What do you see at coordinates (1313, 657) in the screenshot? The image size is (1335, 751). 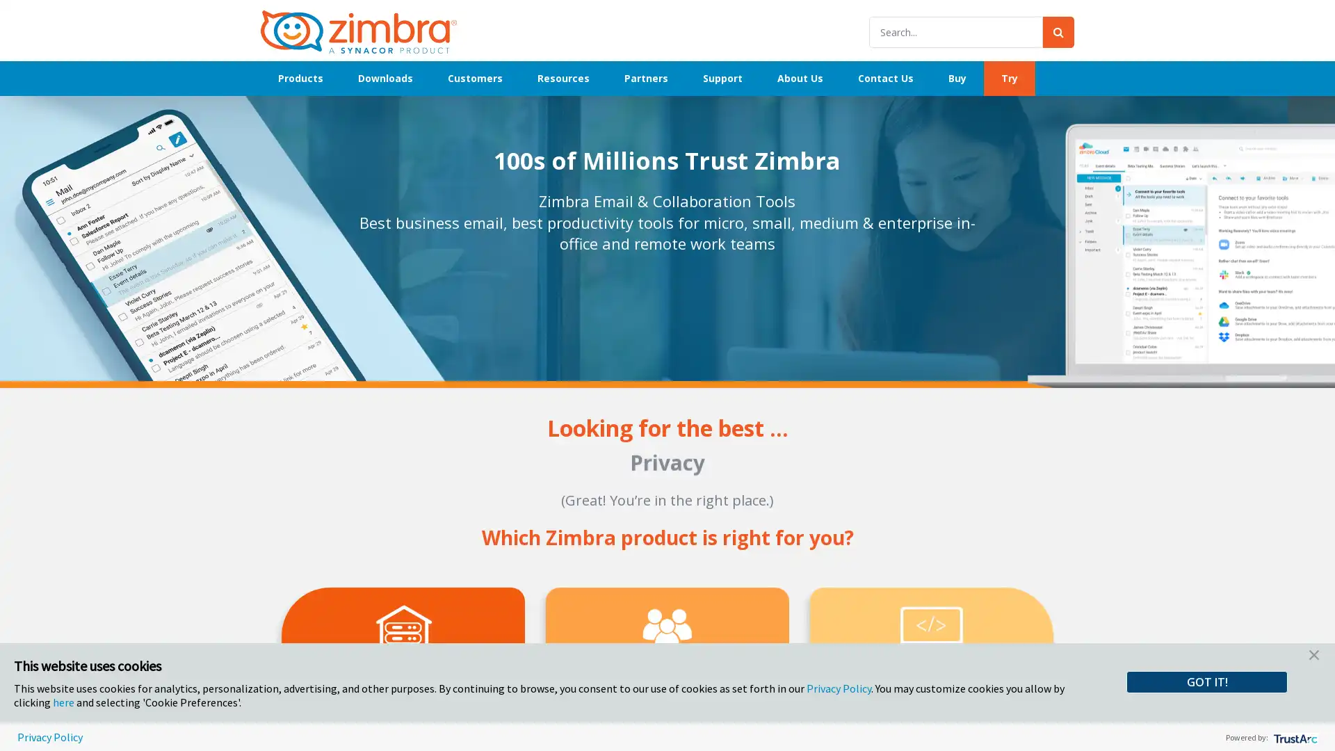 I see `close banner` at bounding box center [1313, 657].